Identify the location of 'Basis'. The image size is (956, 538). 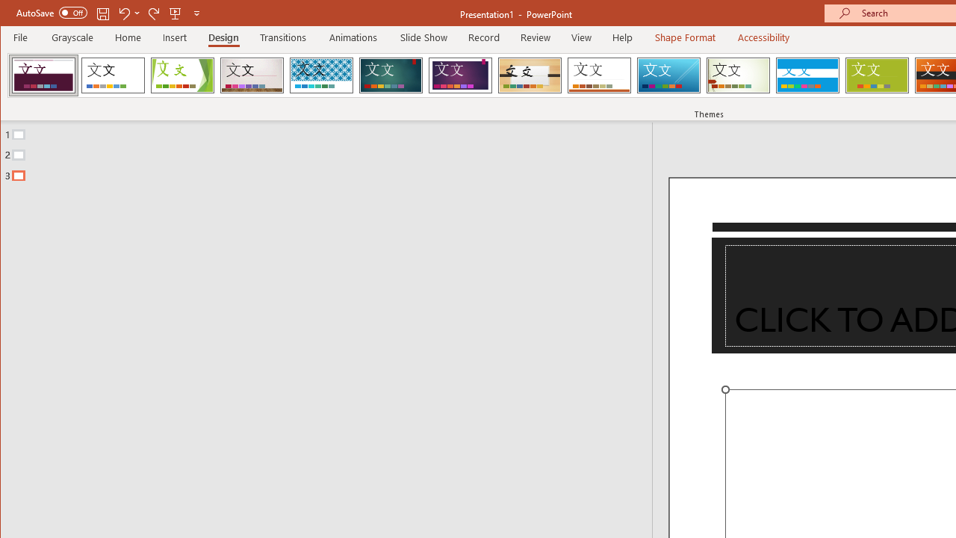
(877, 75).